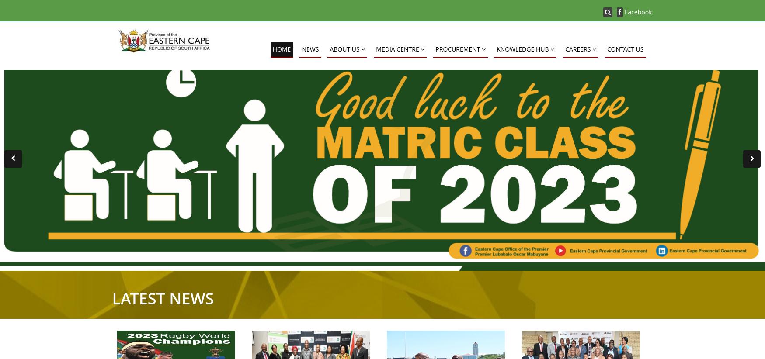 The width and height of the screenshot is (765, 359). What do you see at coordinates (637, 11) in the screenshot?
I see `'Facebook'` at bounding box center [637, 11].